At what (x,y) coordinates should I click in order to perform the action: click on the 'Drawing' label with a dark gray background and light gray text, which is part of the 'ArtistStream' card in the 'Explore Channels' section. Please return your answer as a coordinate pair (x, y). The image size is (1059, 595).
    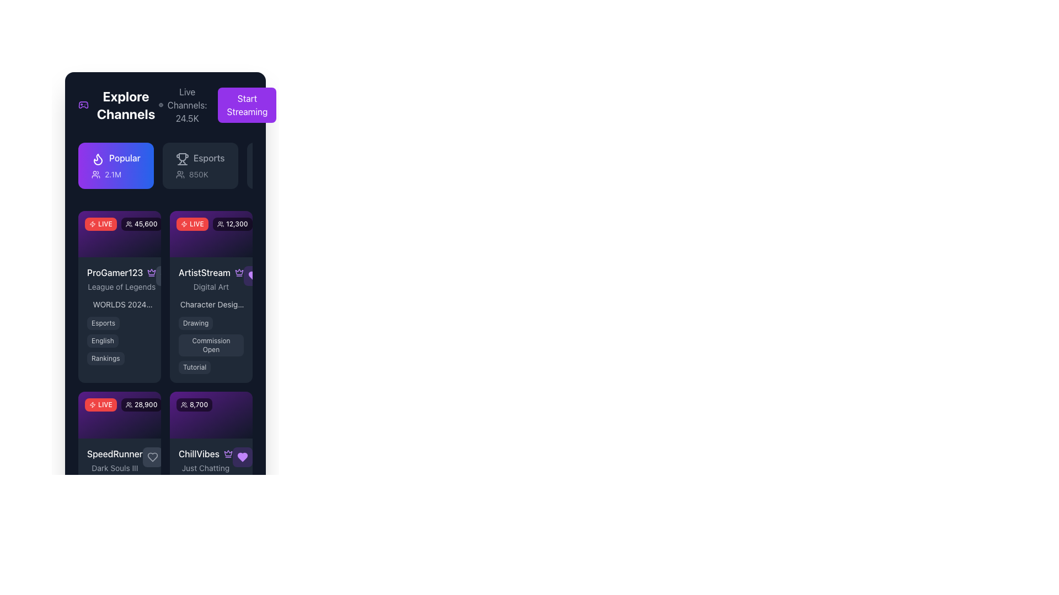
    Looking at the image, I should click on (196, 323).